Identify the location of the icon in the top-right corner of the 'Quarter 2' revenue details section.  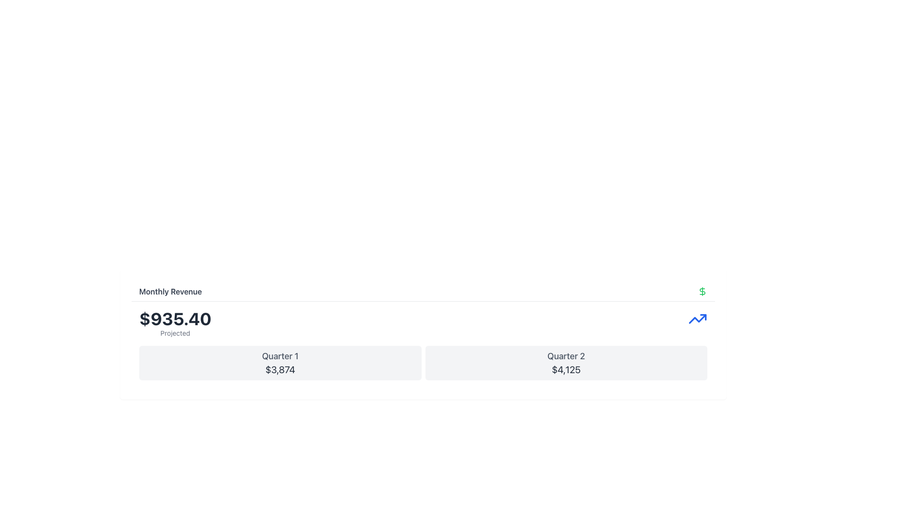
(698, 318).